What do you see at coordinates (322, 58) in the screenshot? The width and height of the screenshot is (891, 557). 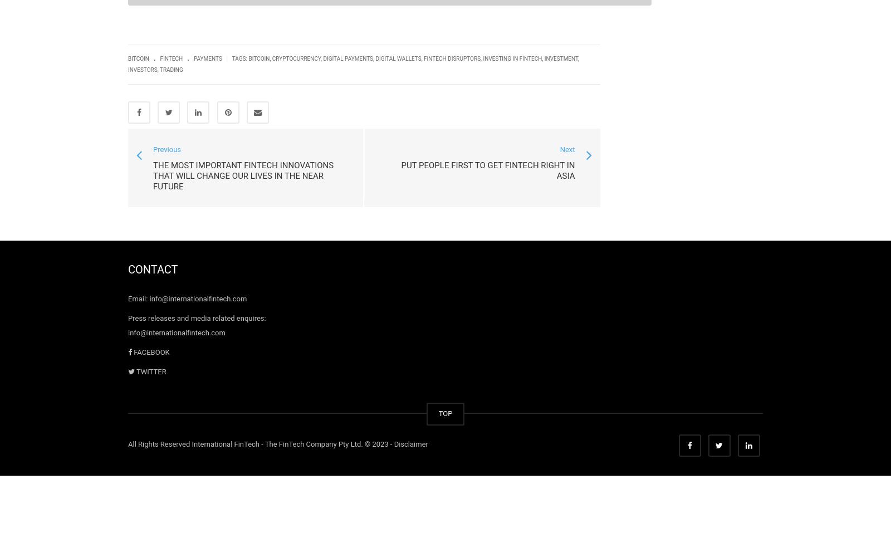 I see `'Digital Payments'` at bounding box center [322, 58].